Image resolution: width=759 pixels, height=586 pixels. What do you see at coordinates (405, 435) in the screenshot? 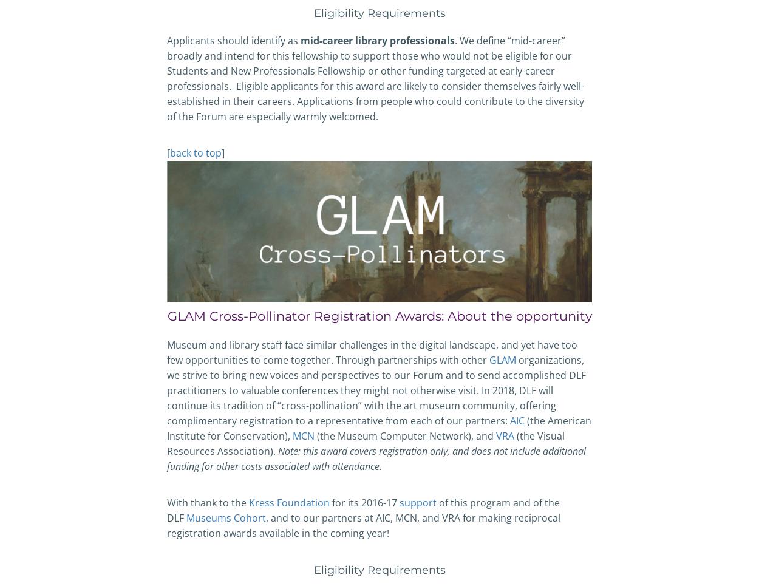
I see `'(the Museum Computer Network), and'` at bounding box center [405, 435].